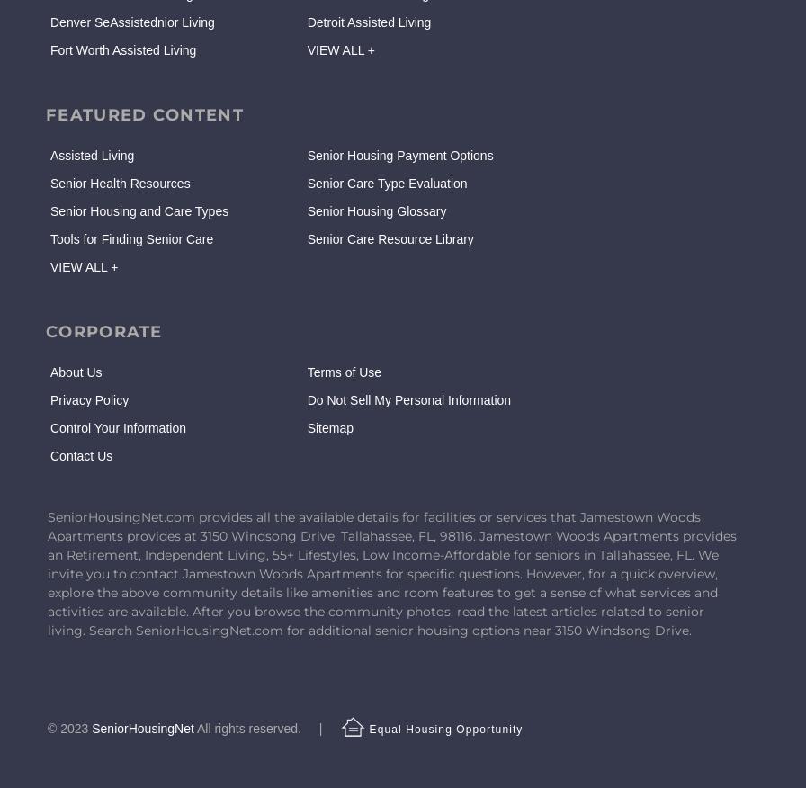  What do you see at coordinates (103, 330) in the screenshot?
I see `'CORPORATE'` at bounding box center [103, 330].